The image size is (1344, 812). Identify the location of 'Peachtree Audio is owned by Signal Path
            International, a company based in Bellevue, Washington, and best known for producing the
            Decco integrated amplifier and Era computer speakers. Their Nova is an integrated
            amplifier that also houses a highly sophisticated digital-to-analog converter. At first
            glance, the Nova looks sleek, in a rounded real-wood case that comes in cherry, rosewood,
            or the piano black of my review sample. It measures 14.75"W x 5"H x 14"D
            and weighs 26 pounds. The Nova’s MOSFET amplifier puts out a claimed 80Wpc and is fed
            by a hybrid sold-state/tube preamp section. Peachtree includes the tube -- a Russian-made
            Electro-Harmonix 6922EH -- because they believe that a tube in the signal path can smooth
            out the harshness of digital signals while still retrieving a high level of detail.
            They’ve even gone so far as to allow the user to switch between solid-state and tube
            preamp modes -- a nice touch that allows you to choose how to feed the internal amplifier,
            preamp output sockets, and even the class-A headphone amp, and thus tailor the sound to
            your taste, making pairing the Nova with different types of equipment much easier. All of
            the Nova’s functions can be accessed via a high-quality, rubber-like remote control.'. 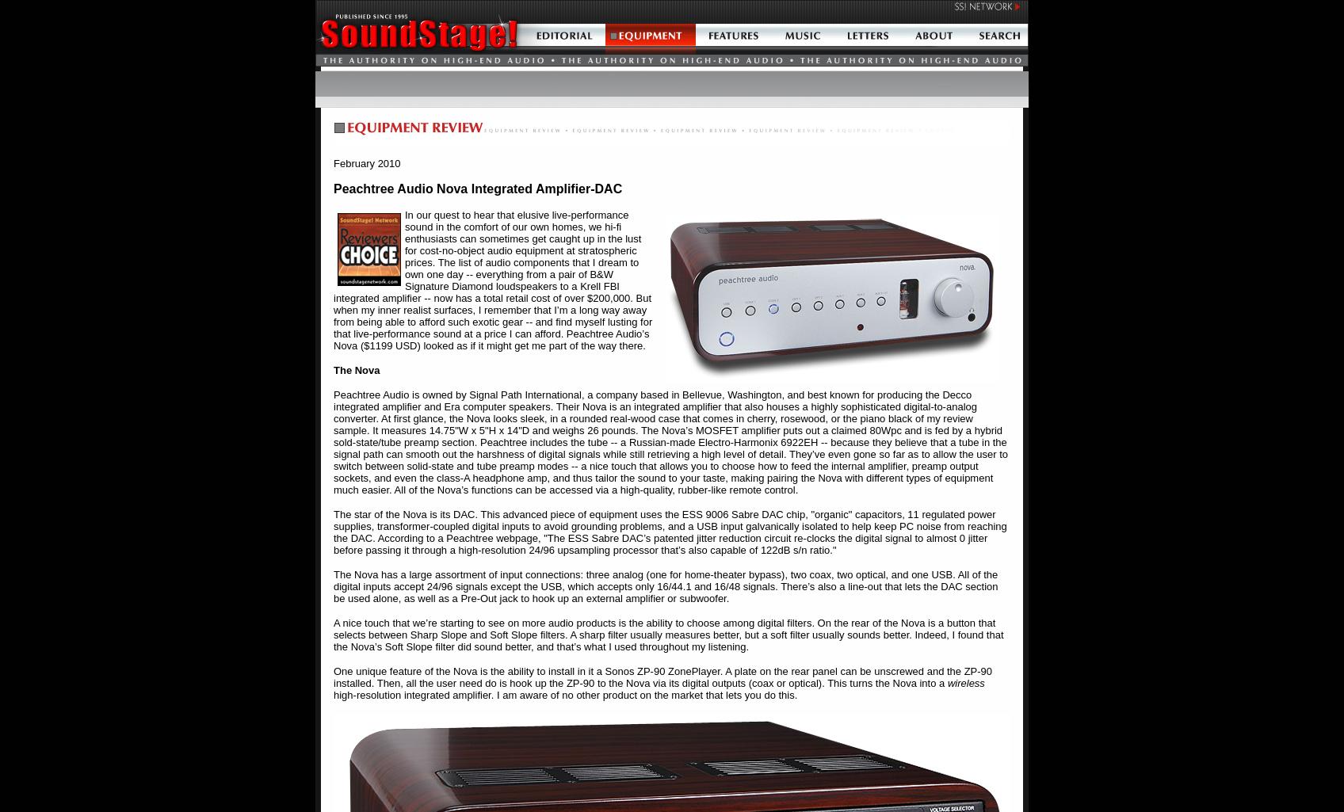
(332, 441).